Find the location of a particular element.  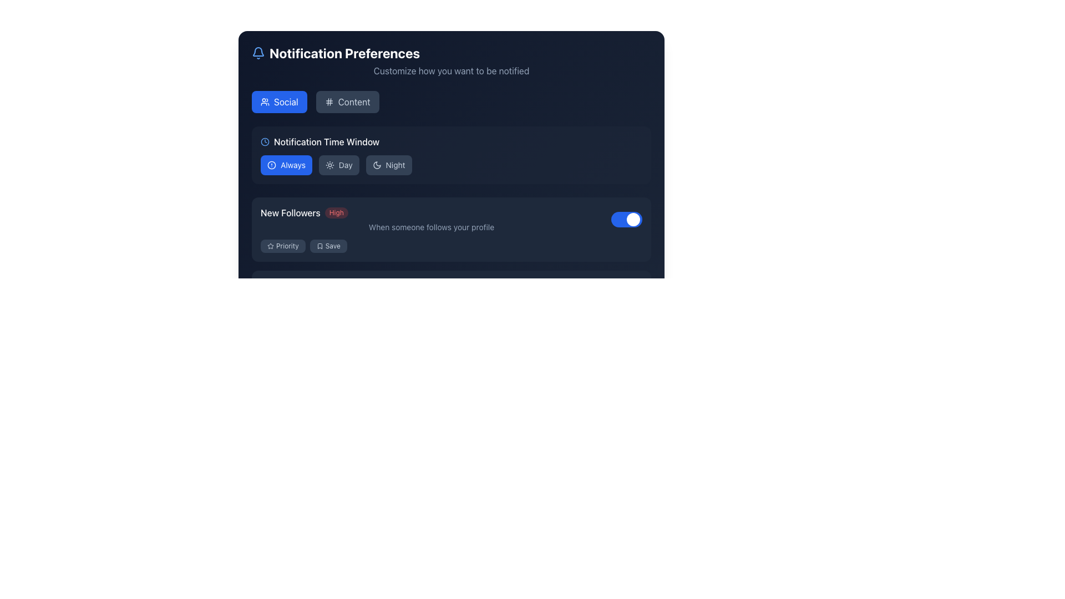

the sun icon located to the left of the 'Day' text in the 'Notification Time Window' section is located at coordinates (329, 165).